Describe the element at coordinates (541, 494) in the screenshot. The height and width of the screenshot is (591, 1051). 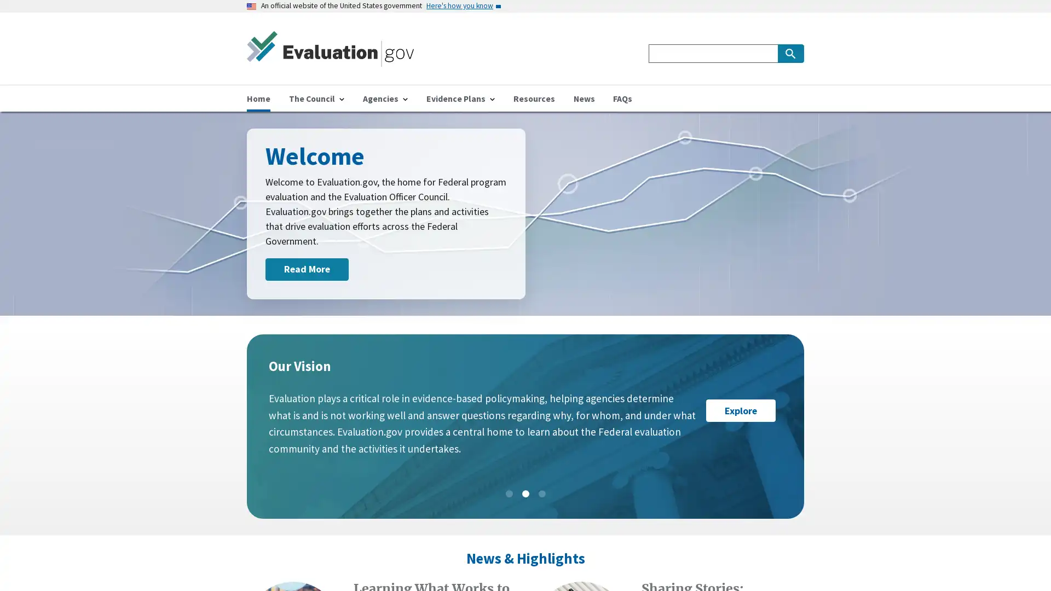
I see `Slide: 3` at that location.